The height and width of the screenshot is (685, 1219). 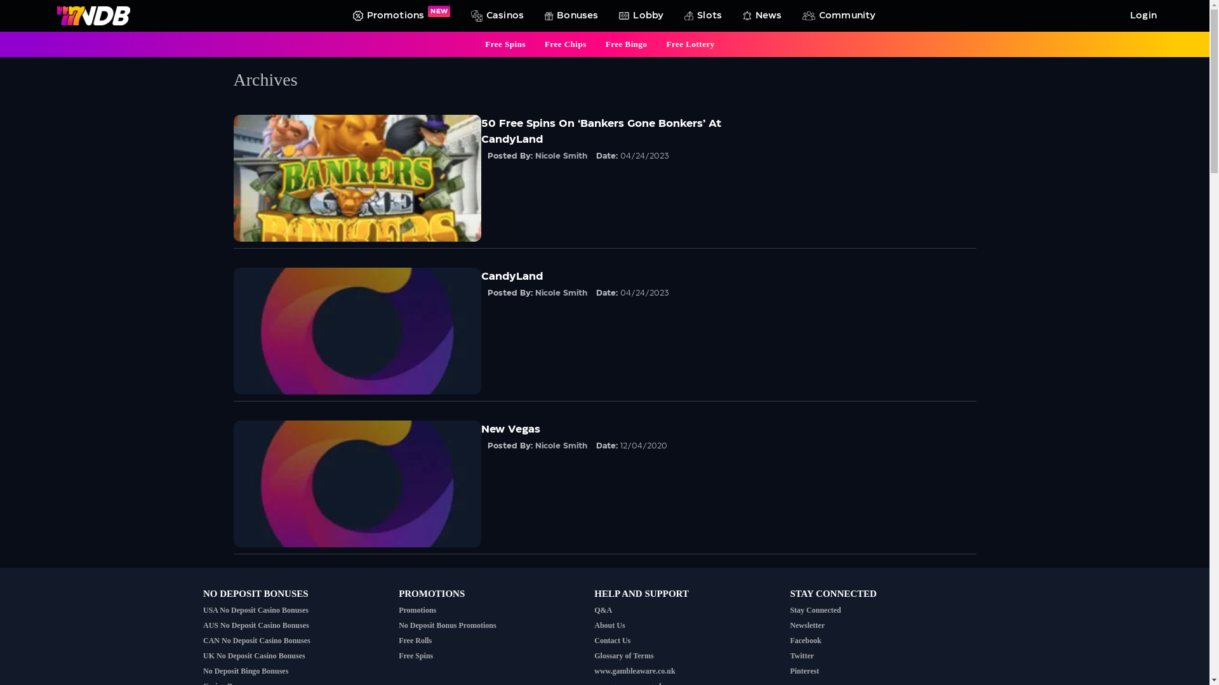 What do you see at coordinates (804, 641) in the screenshot?
I see `'Facebook'` at bounding box center [804, 641].